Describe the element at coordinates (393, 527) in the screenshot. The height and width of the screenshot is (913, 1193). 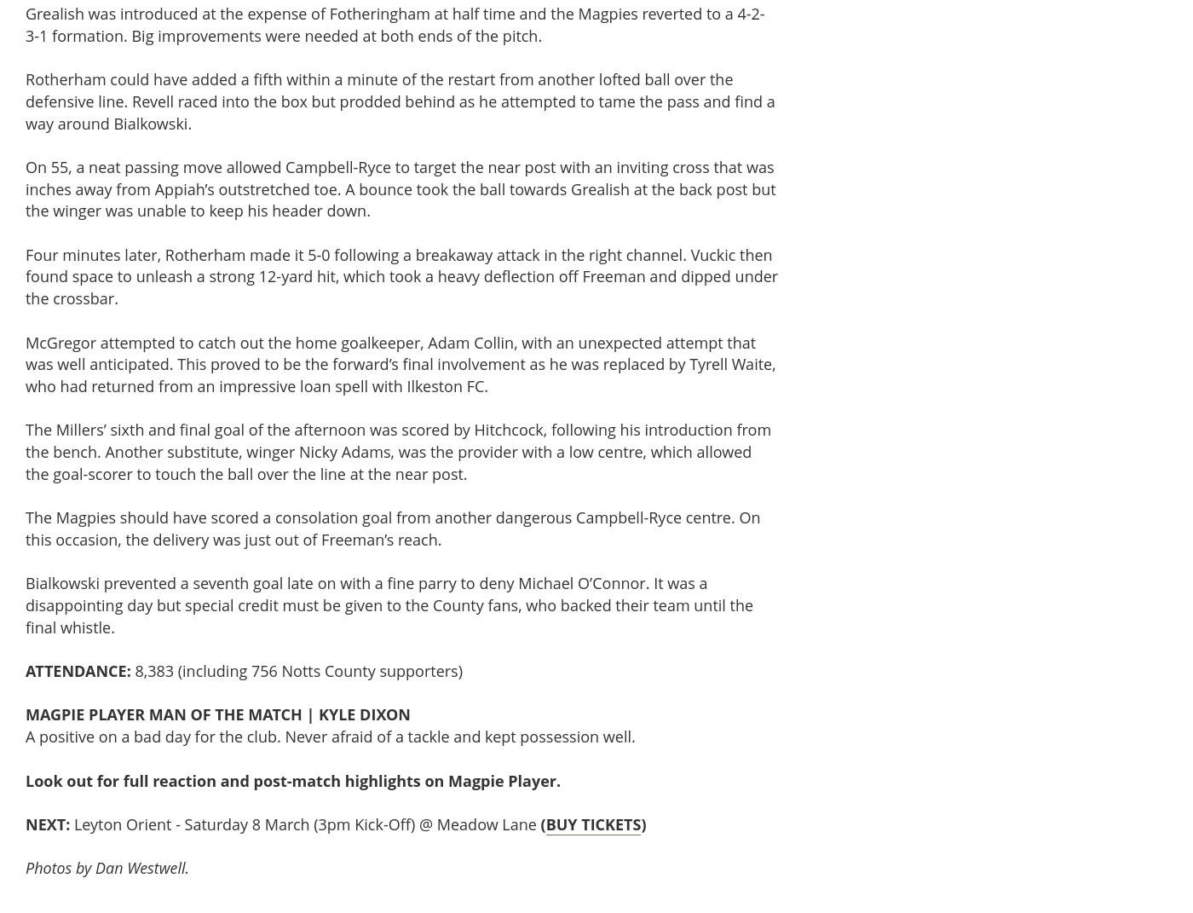
I see `'The Magpies should have scored a consolation goal from another dangerous Campbell-Ryce centre. On this occasion, the delivery was just out of Freeman’s reach.'` at that location.